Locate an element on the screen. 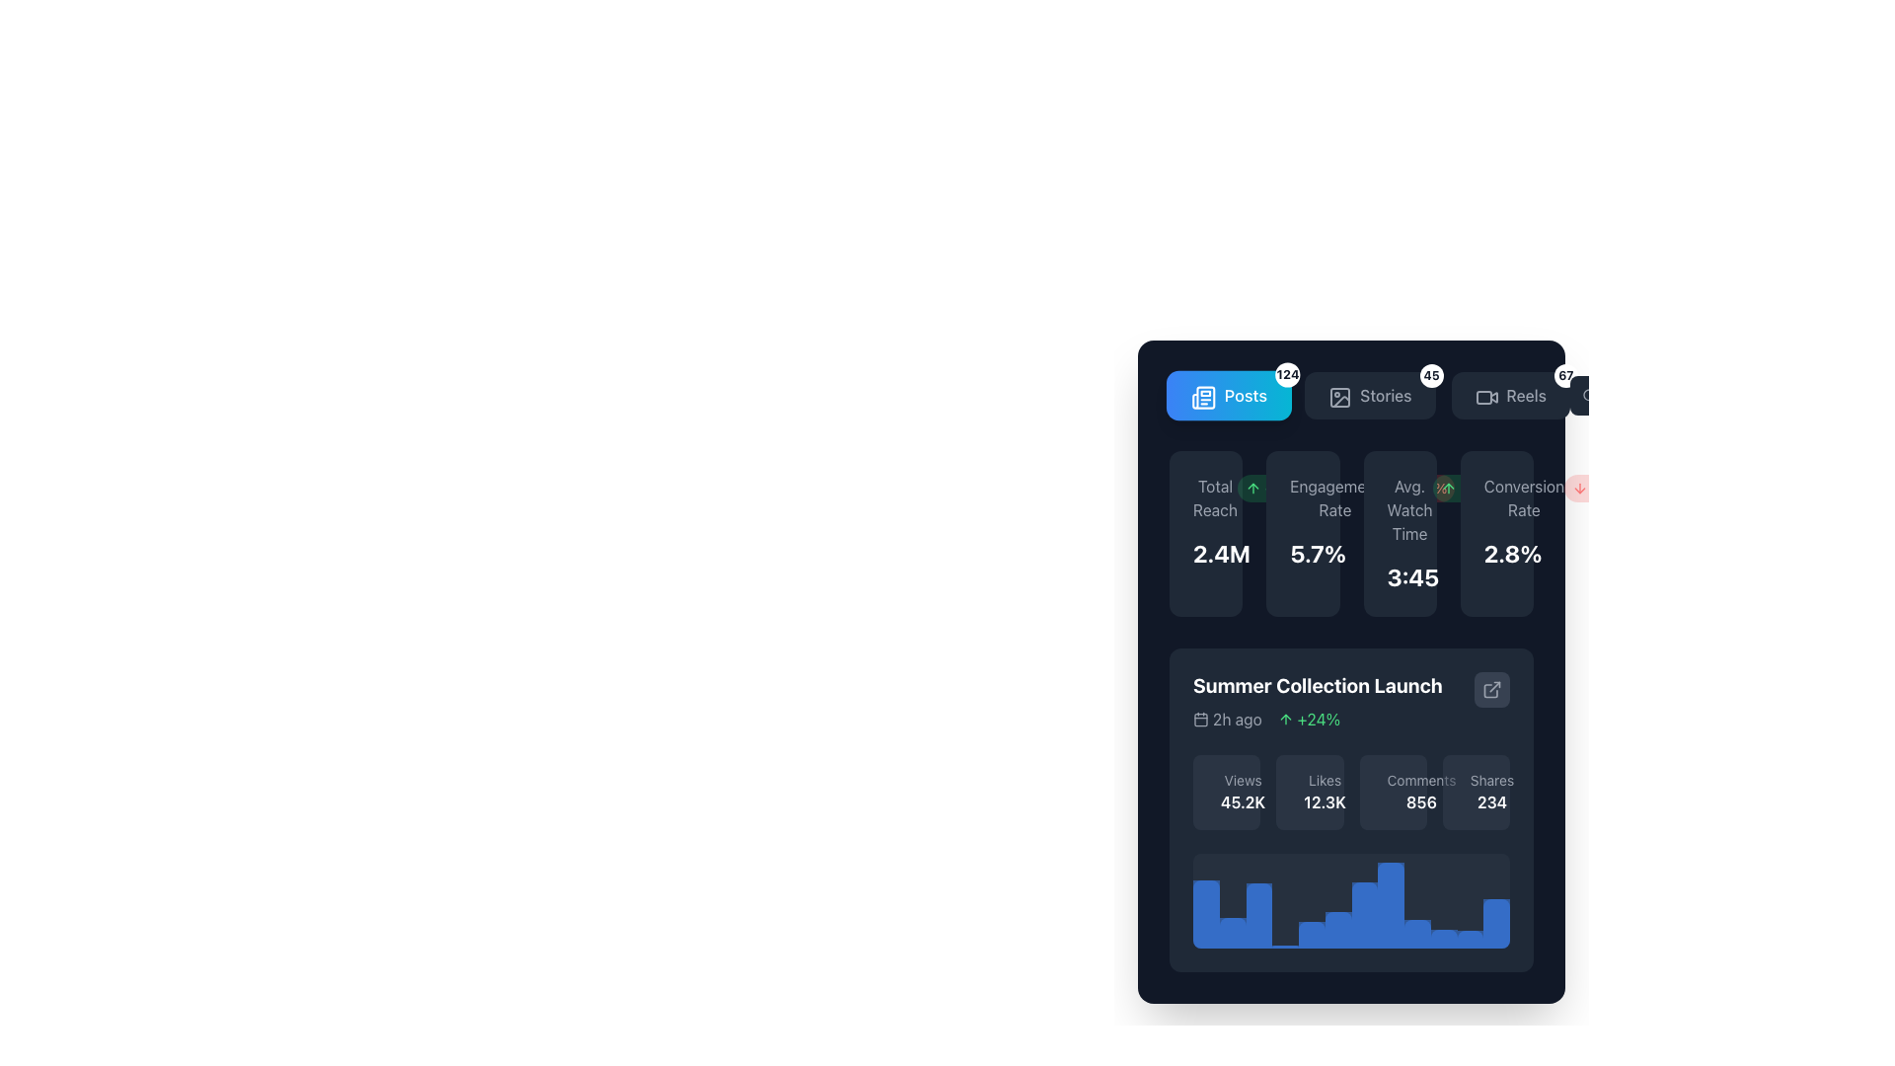 This screenshot has height=1066, width=1895. the label displaying the number of comments ('856') is located at coordinates (1421, 791).